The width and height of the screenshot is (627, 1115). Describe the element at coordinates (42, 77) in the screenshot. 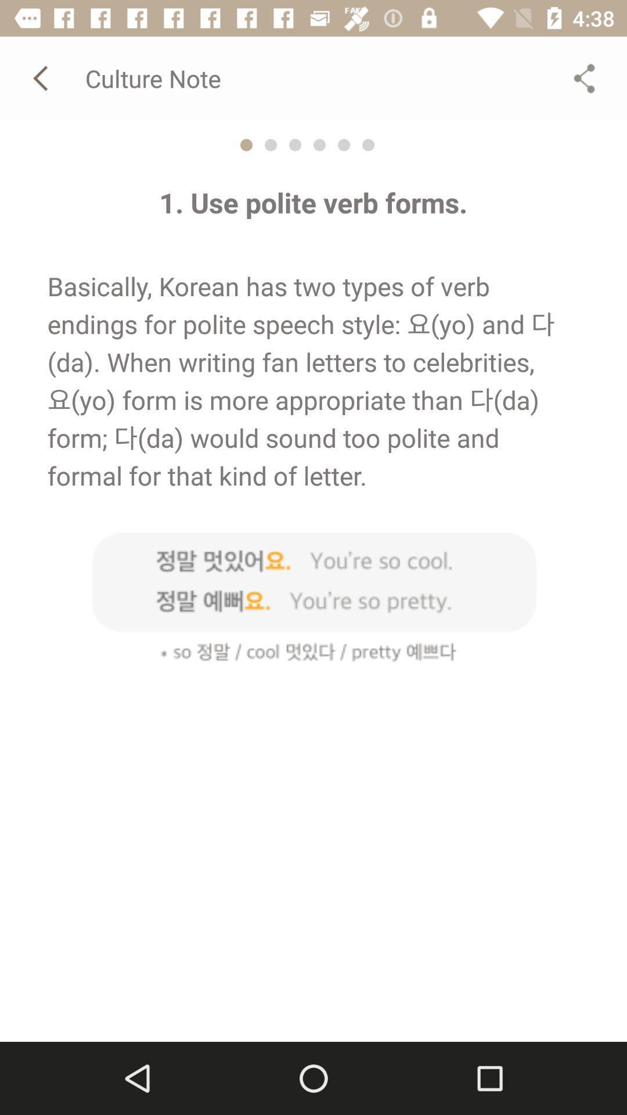

I see `the arrow_backward icon` at that location.